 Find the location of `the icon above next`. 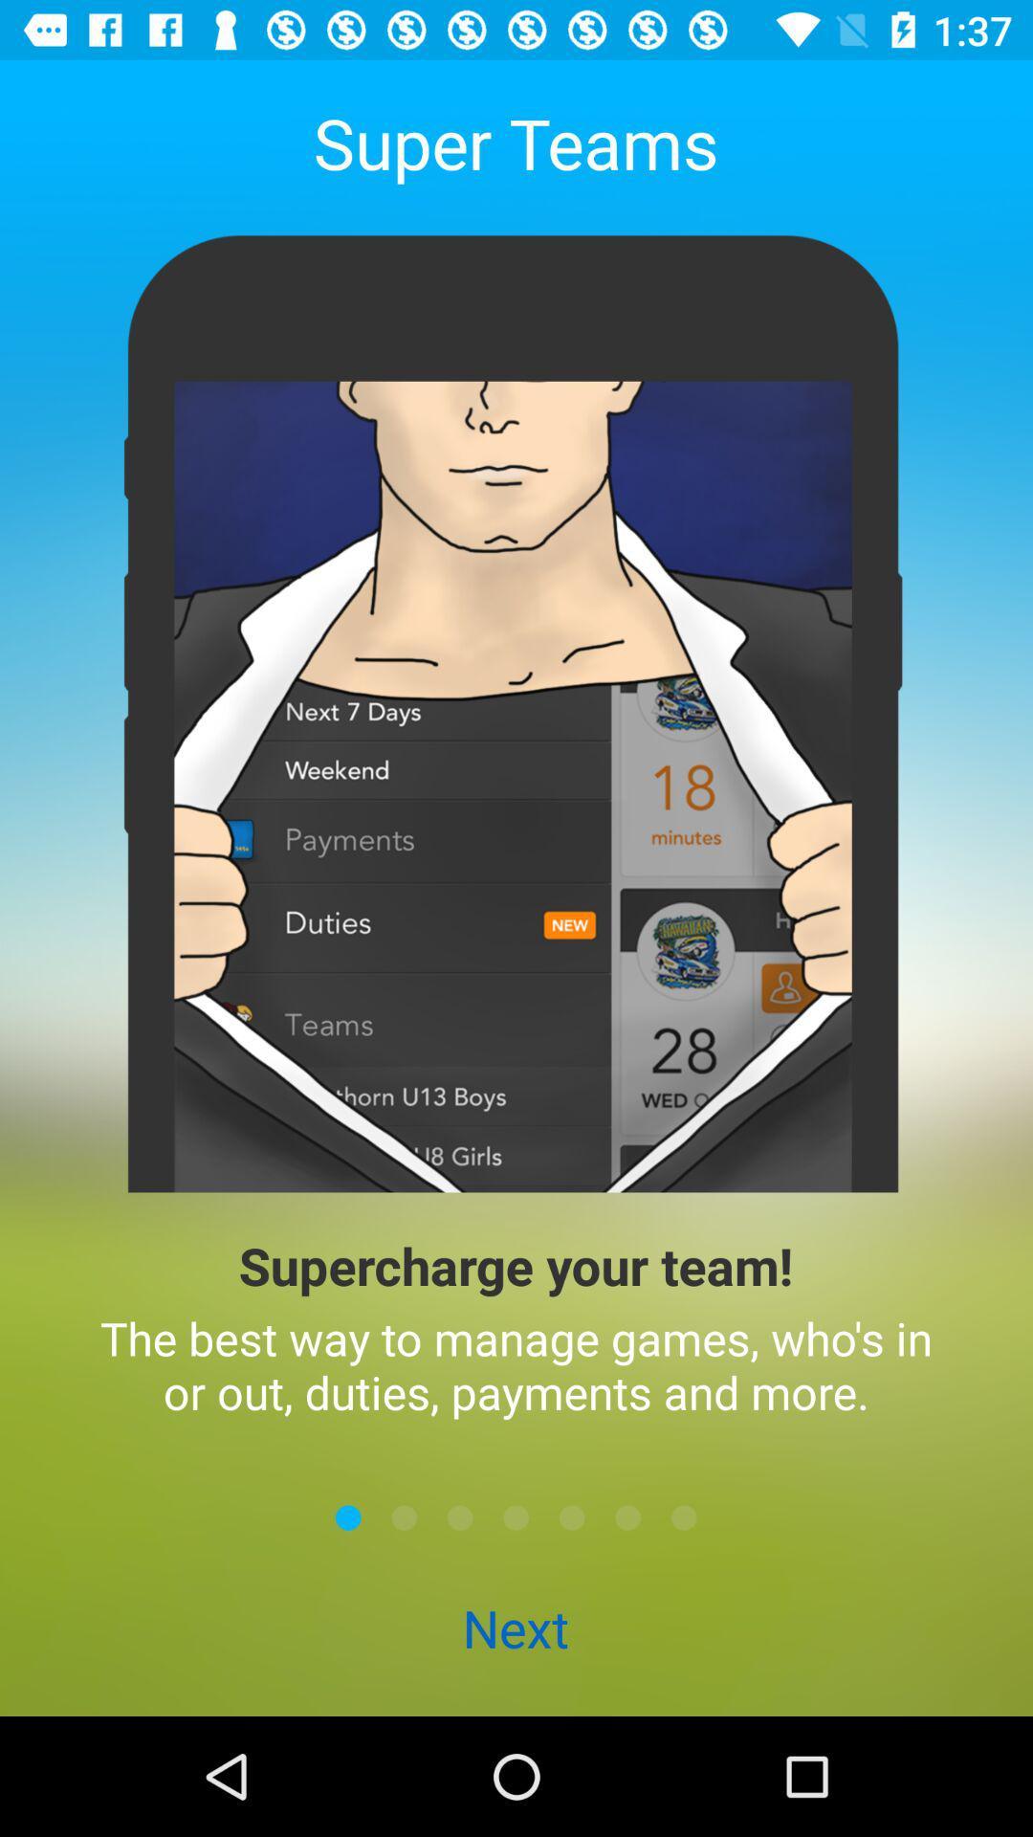

the icon above next is located at coordinates (627, 1516).